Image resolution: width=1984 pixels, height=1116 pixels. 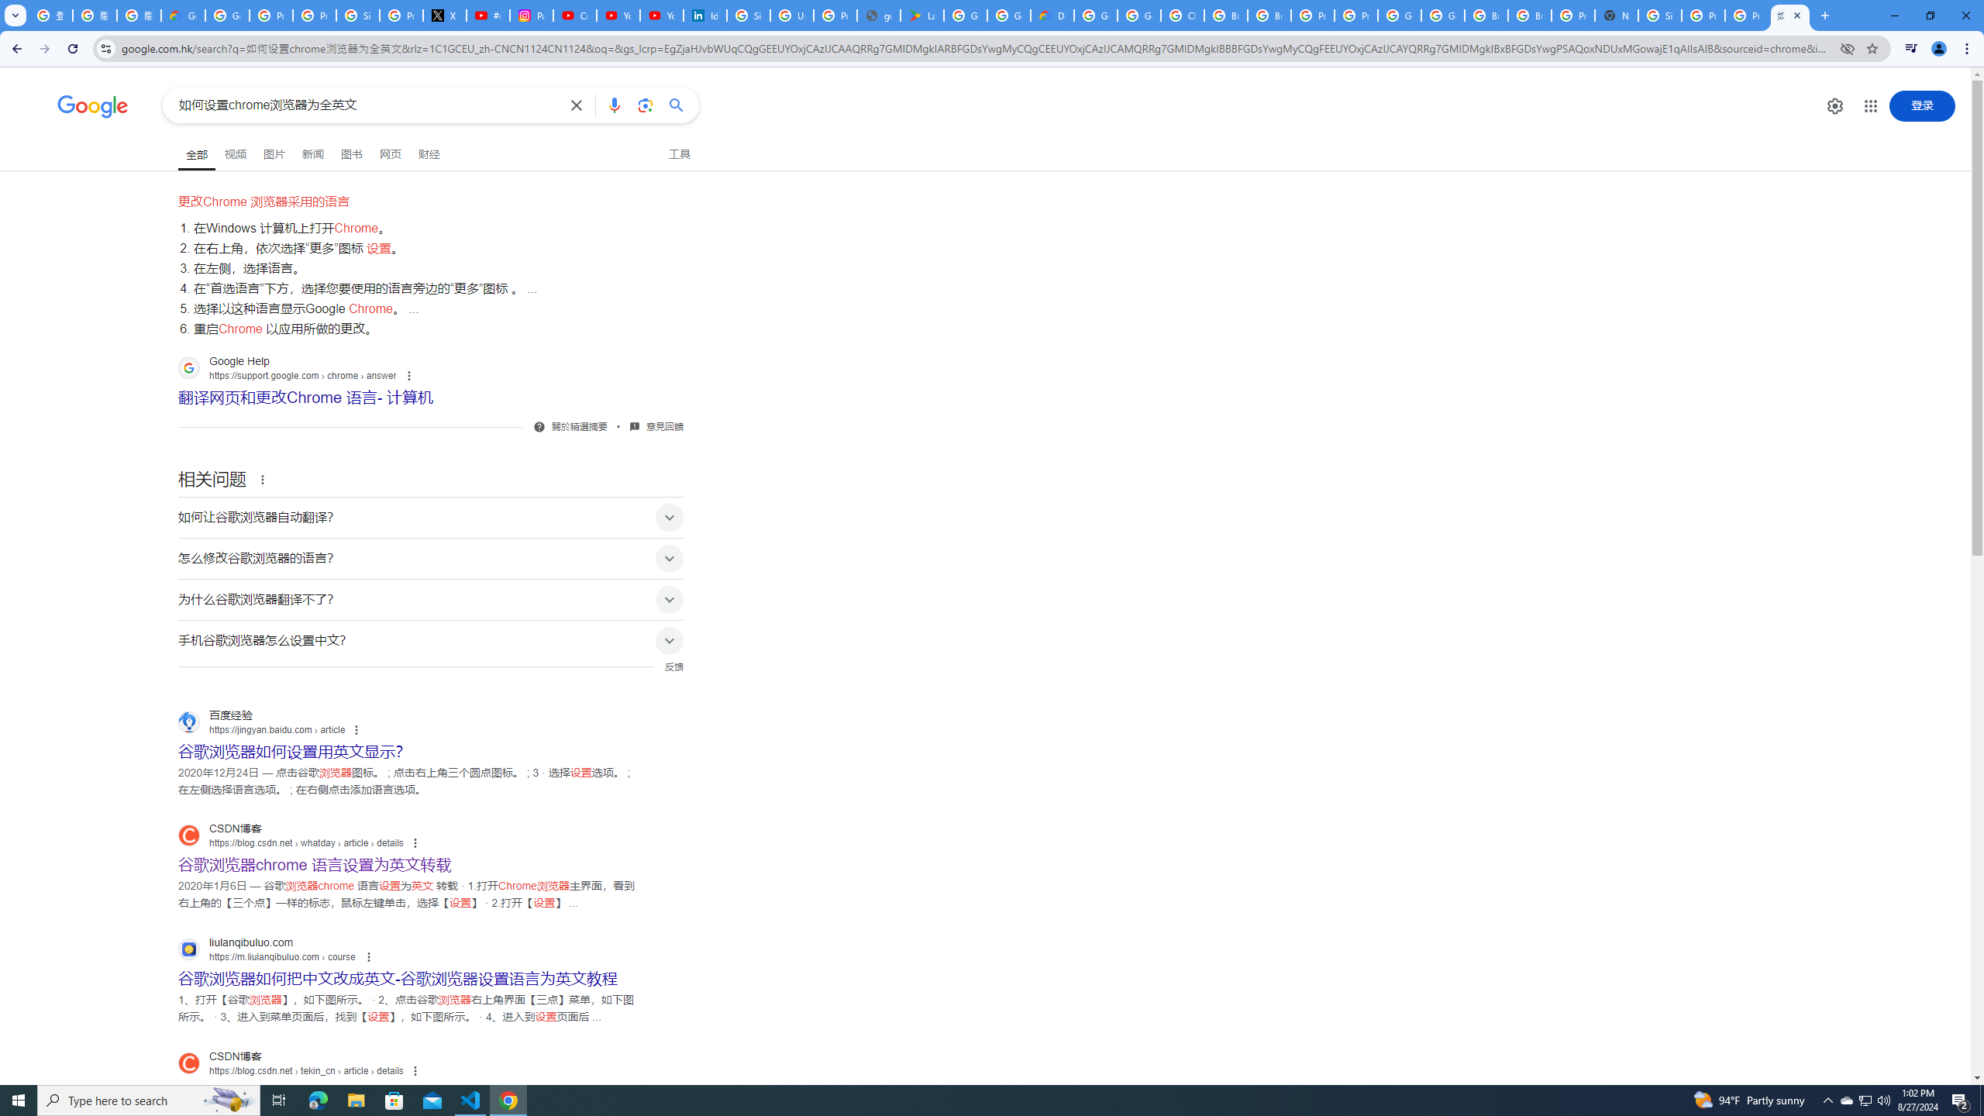 I want to click on 'X', so click(x=445, y=15).